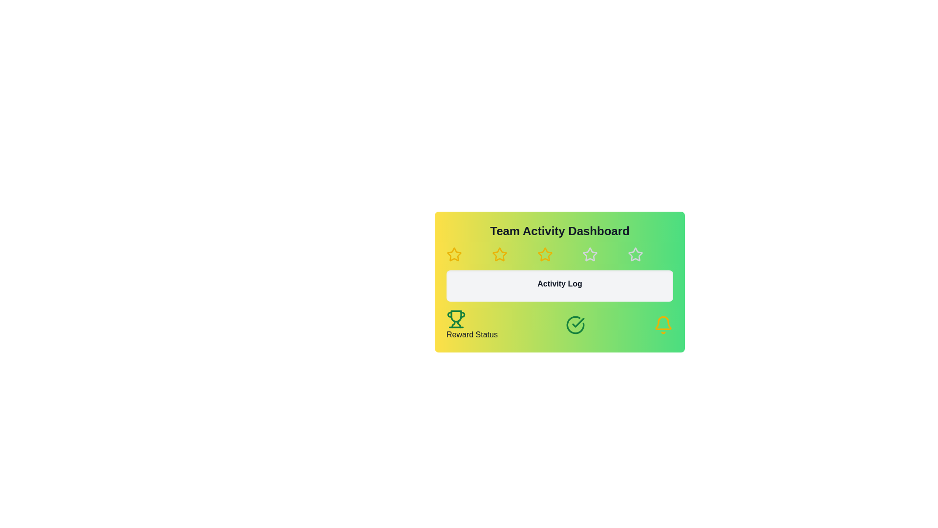 This screenshot has width=938, height=528. Describe the element at coordinates (636, 254) in the screenshot. I see `the fifth star-shaped icon in a horizontal sequence of six stars, which is outlined in gray, indicating its inactive state` at that location.